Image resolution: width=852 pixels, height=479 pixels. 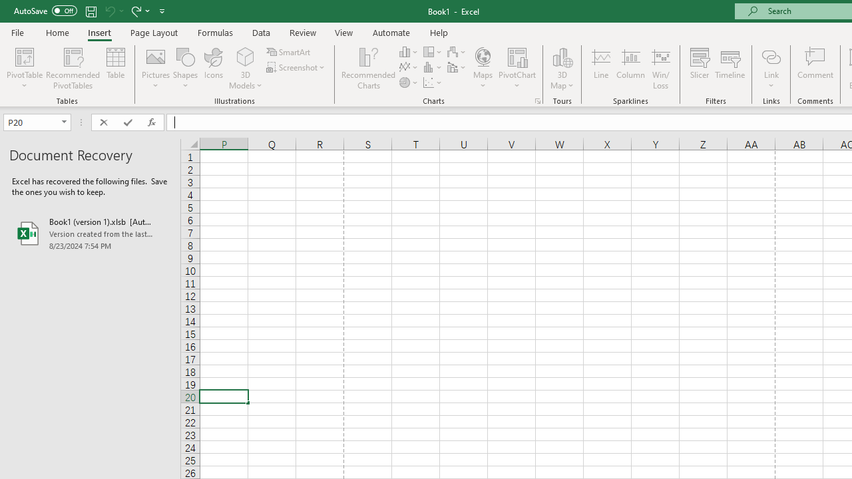 I want to click on 'Win/Loss', so click(x=660, y=69).